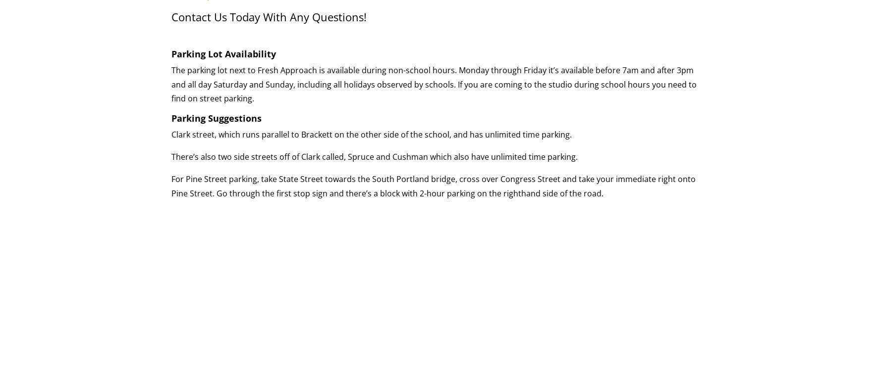 The height and width of the screenshot is (374, 878). I want to click on '3pm', so click(685, 69).